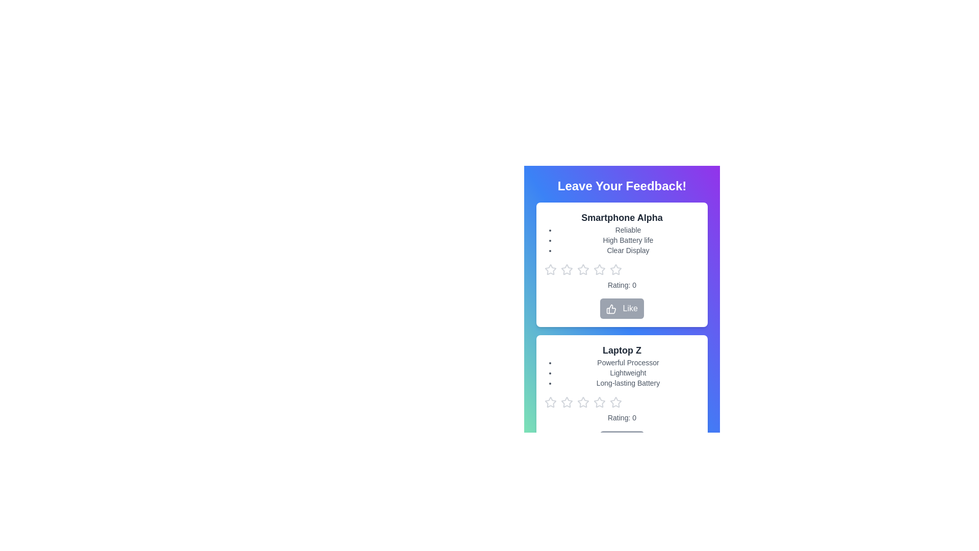  What do you see at coordinates (611, 308) in the screenshot?
I see `the right thumbs-up icon located within the card section under the heading 'Smartphone Alpha'` at bounding box center [611, 308].